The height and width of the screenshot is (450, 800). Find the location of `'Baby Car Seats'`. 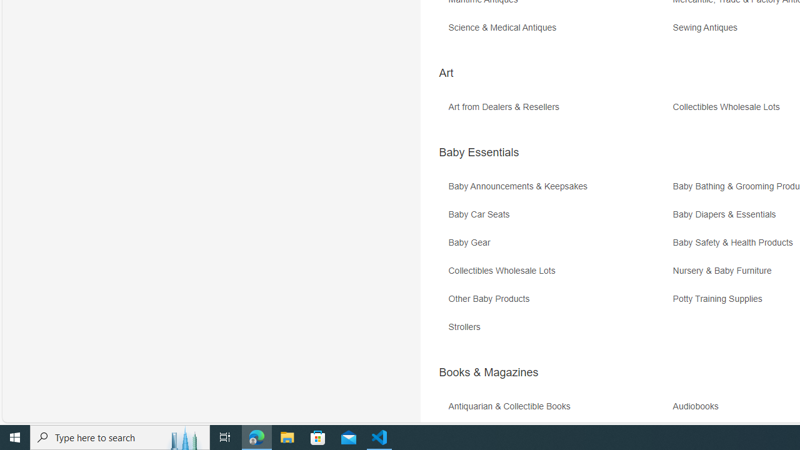

'Baby Car Seats' is located at coordinates (558, 218).